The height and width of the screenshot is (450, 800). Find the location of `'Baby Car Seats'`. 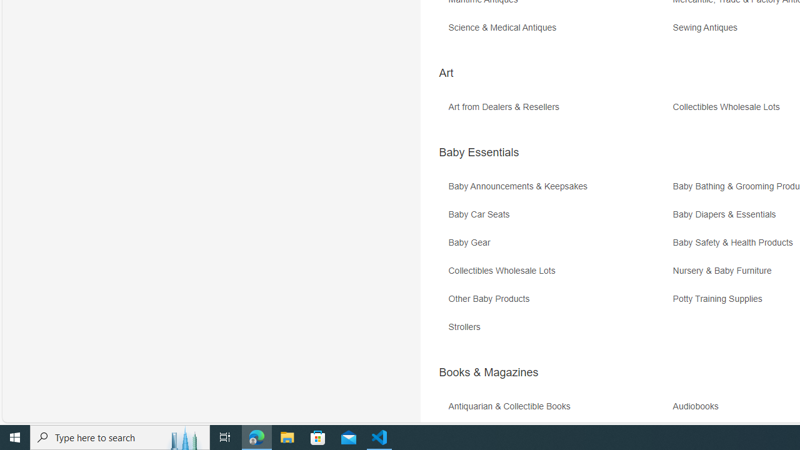

'Baby Car Seats' is located at coordinates (558, 218).